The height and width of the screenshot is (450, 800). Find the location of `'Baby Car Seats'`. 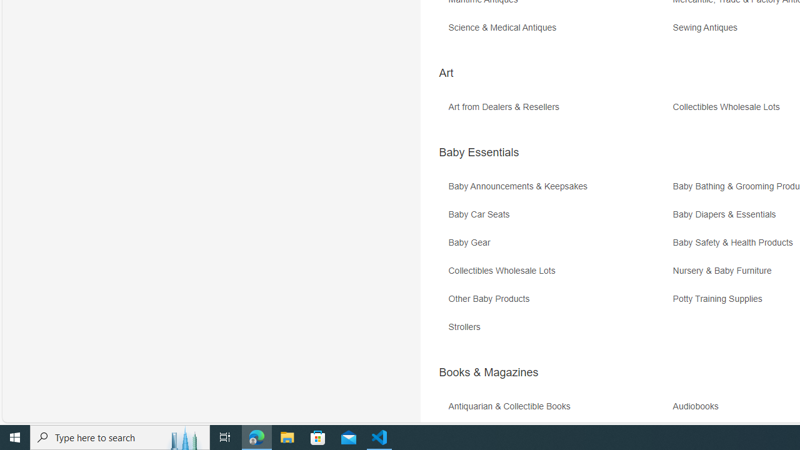

'Baby Car Seats' is located at coordinates (558, 218).